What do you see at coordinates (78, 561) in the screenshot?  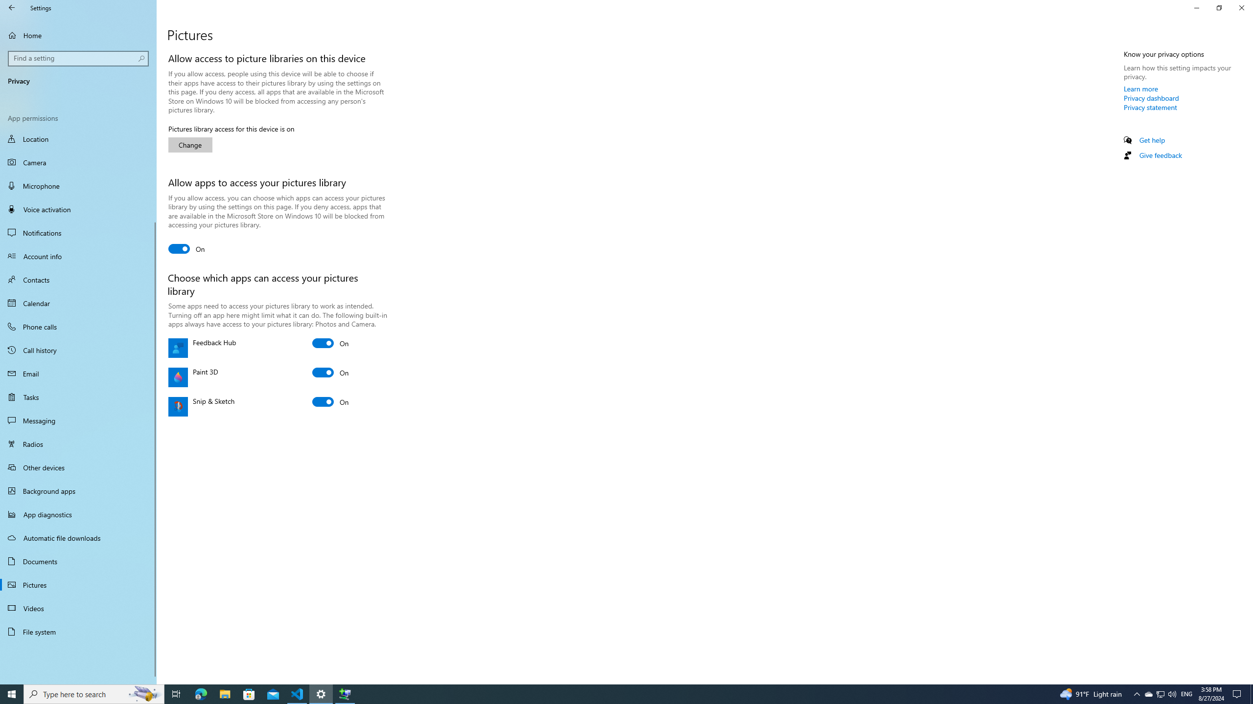 I see `'Documents'` at bounding box center [78, 561].